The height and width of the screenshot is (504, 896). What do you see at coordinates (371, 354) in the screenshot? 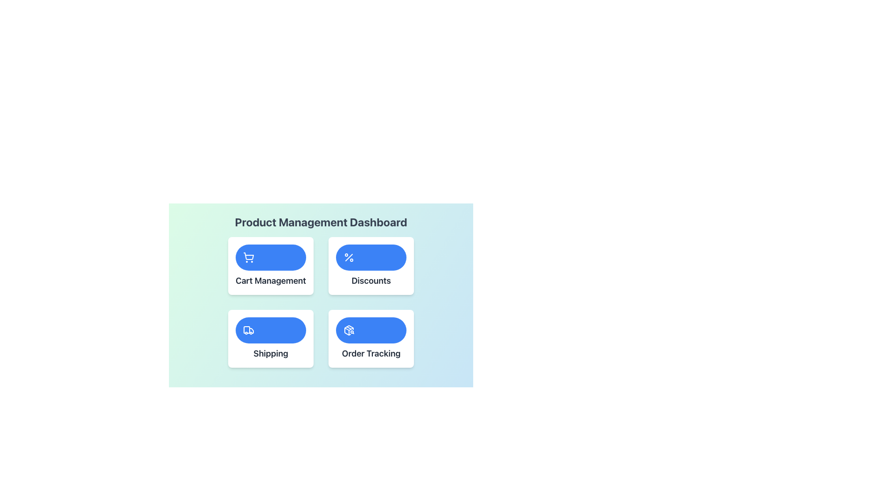
I see `the 'Order Tracking' text label located at the bottom of the white rectangular card in the bottom-right corner of the 2x2 grid layout, which indicates functionalities related to tracking orders` at bounding box center [371, 354].